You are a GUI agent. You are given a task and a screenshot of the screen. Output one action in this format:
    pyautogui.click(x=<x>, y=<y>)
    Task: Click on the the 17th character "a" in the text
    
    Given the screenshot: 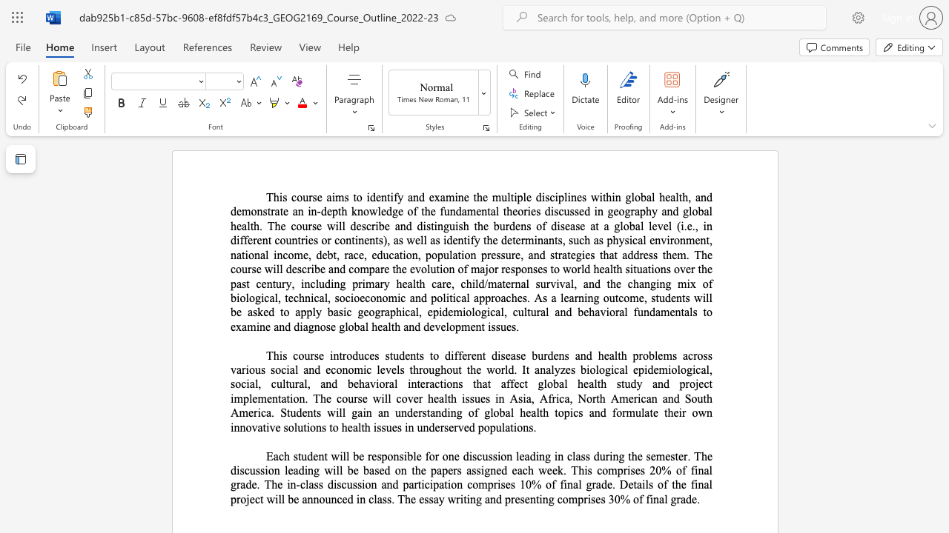 What is the action you would take?
    pyautogui.click(x=431, y=383)
    